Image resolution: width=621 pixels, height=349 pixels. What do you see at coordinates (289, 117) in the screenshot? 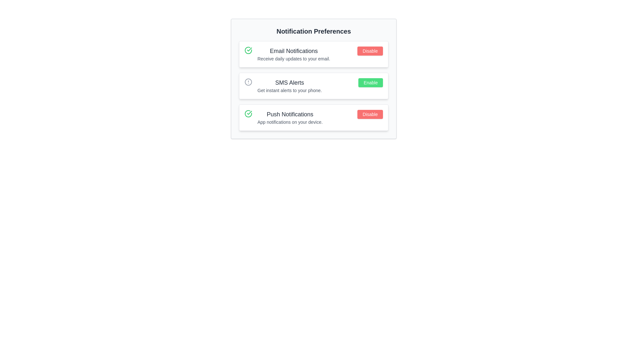
I see `the descriptive text element for 'Push Notifications' in the 'Notification Preferences' panel, which is located to the right of a green check icon and above a red 'Disable' button` at bounding box center [289, 117].